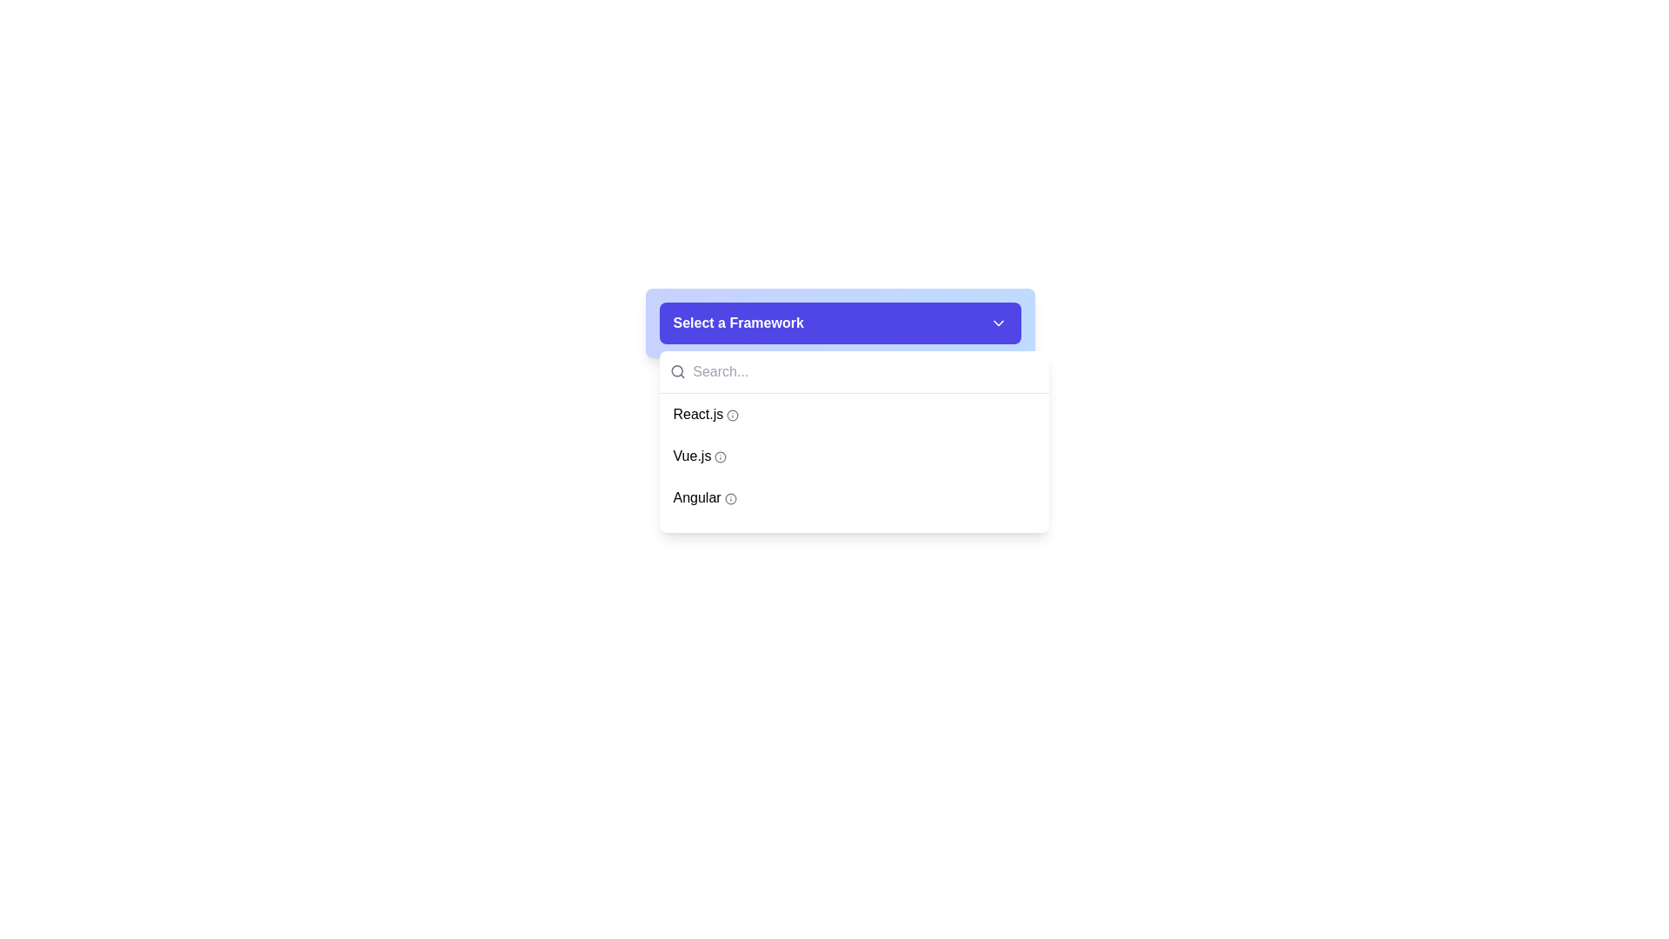 Image resolution: width=1669 pixels, height=939 pixels. Describe the element at coordinates (854, 498) in the screenshot. I see `the third option in the dropdown menu` at that location.